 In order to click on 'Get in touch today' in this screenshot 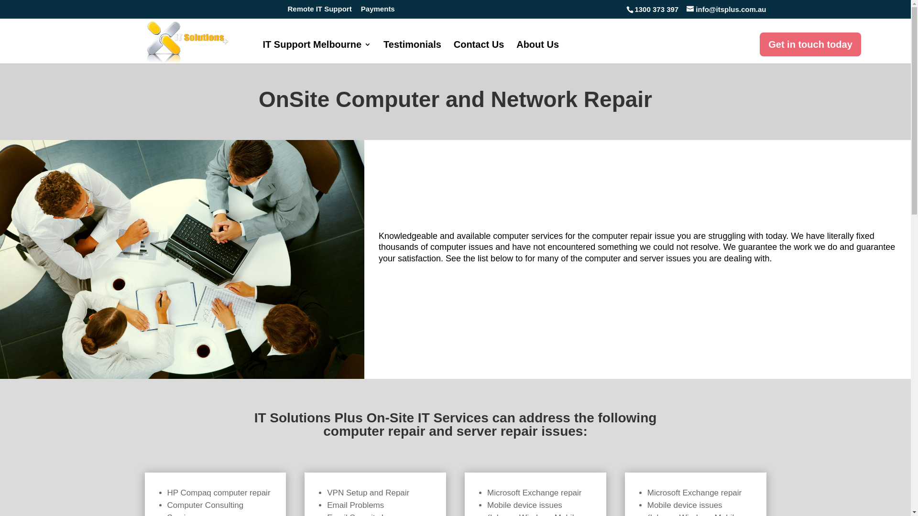, I will do `click(809, 44)`.